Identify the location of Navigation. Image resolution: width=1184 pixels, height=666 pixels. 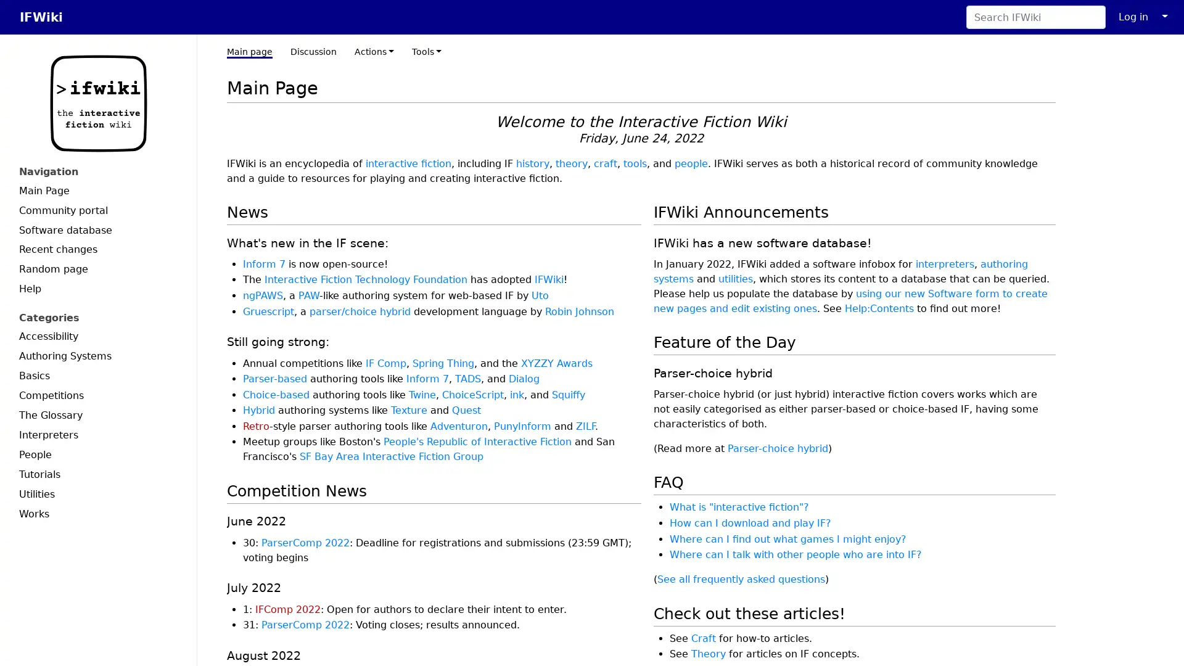
(97, 171).